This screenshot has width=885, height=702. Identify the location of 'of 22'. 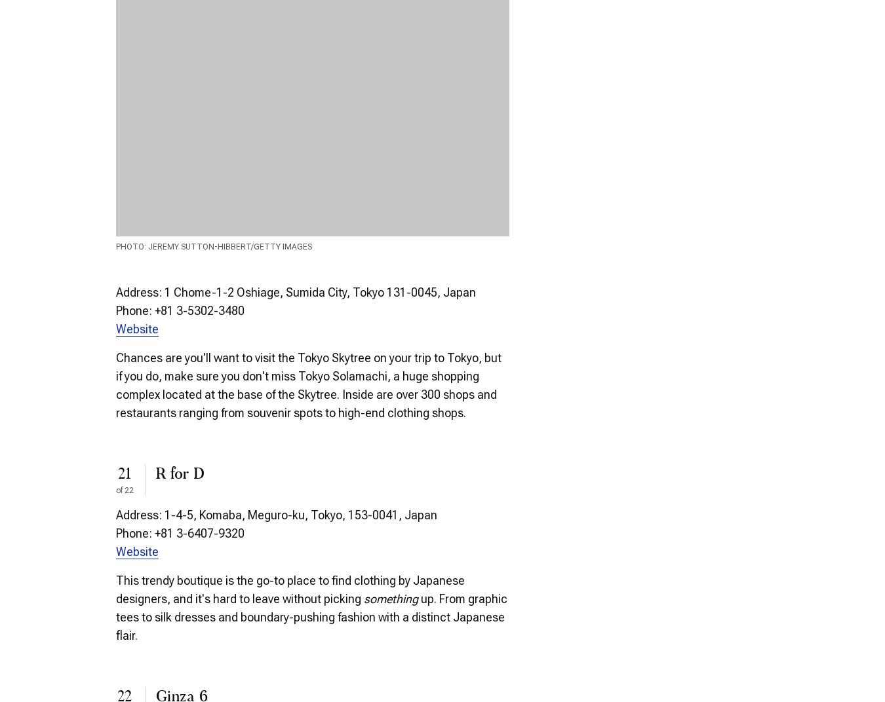
(125, 490).